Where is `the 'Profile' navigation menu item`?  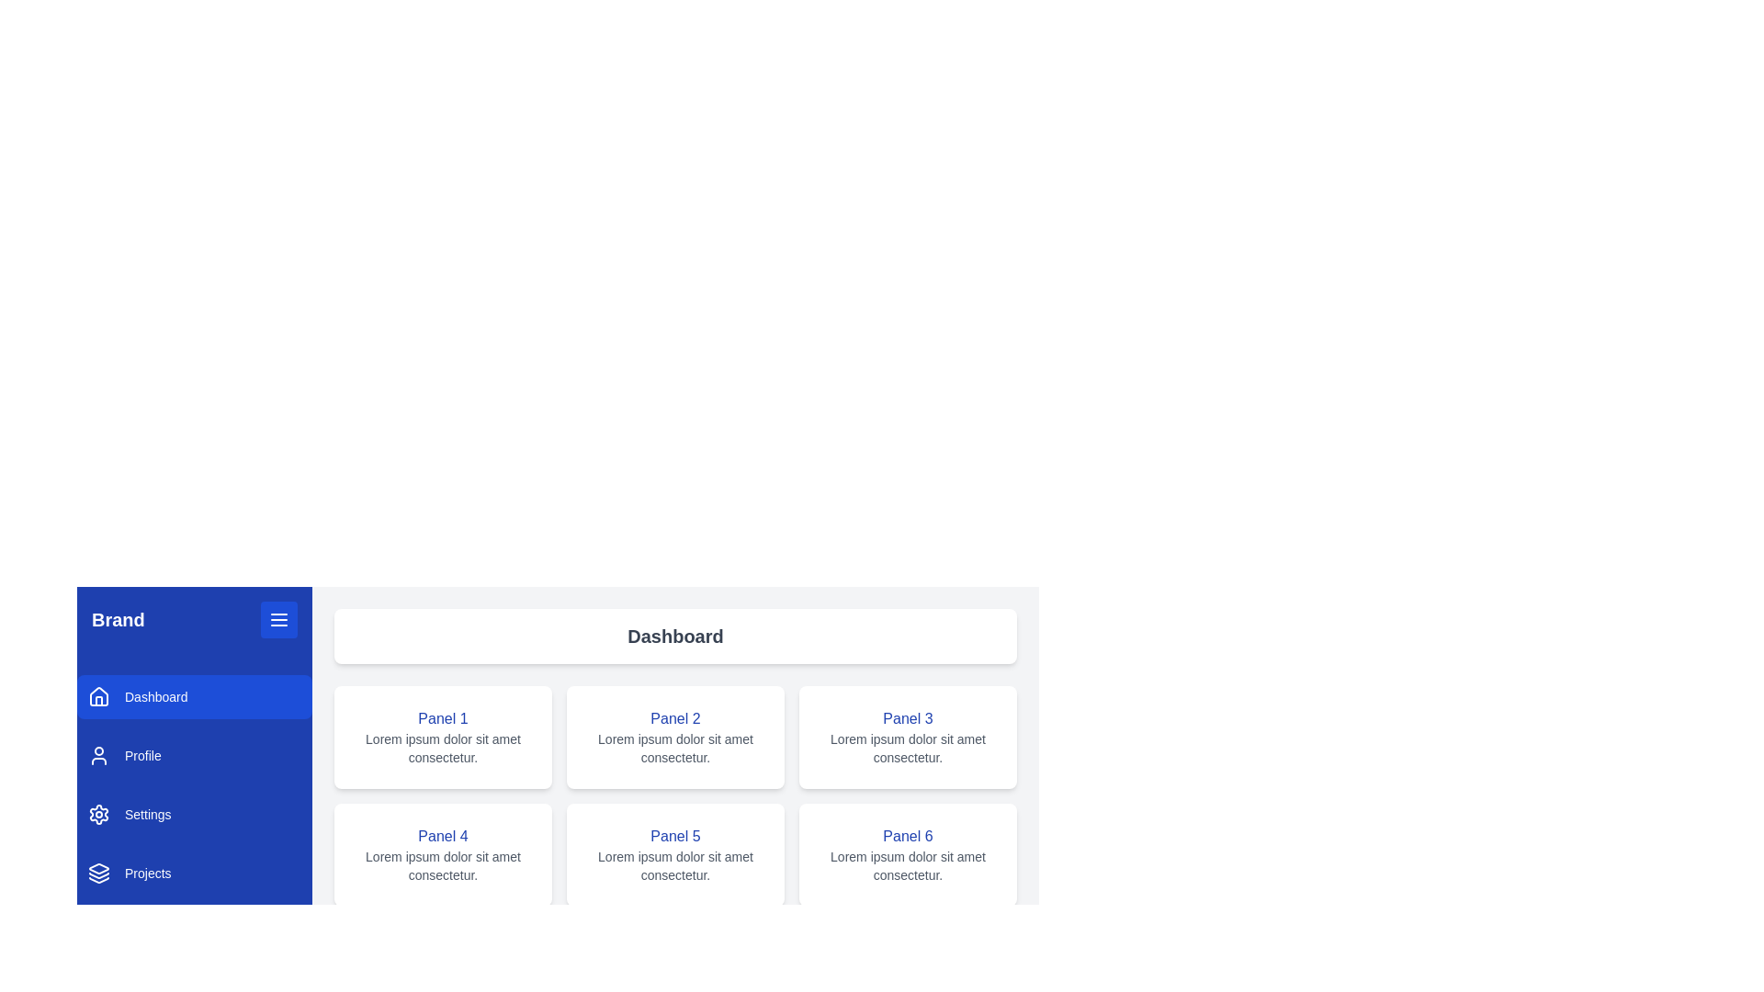 the 'Profile' navigation menu item is located at coordinates (194, 755).